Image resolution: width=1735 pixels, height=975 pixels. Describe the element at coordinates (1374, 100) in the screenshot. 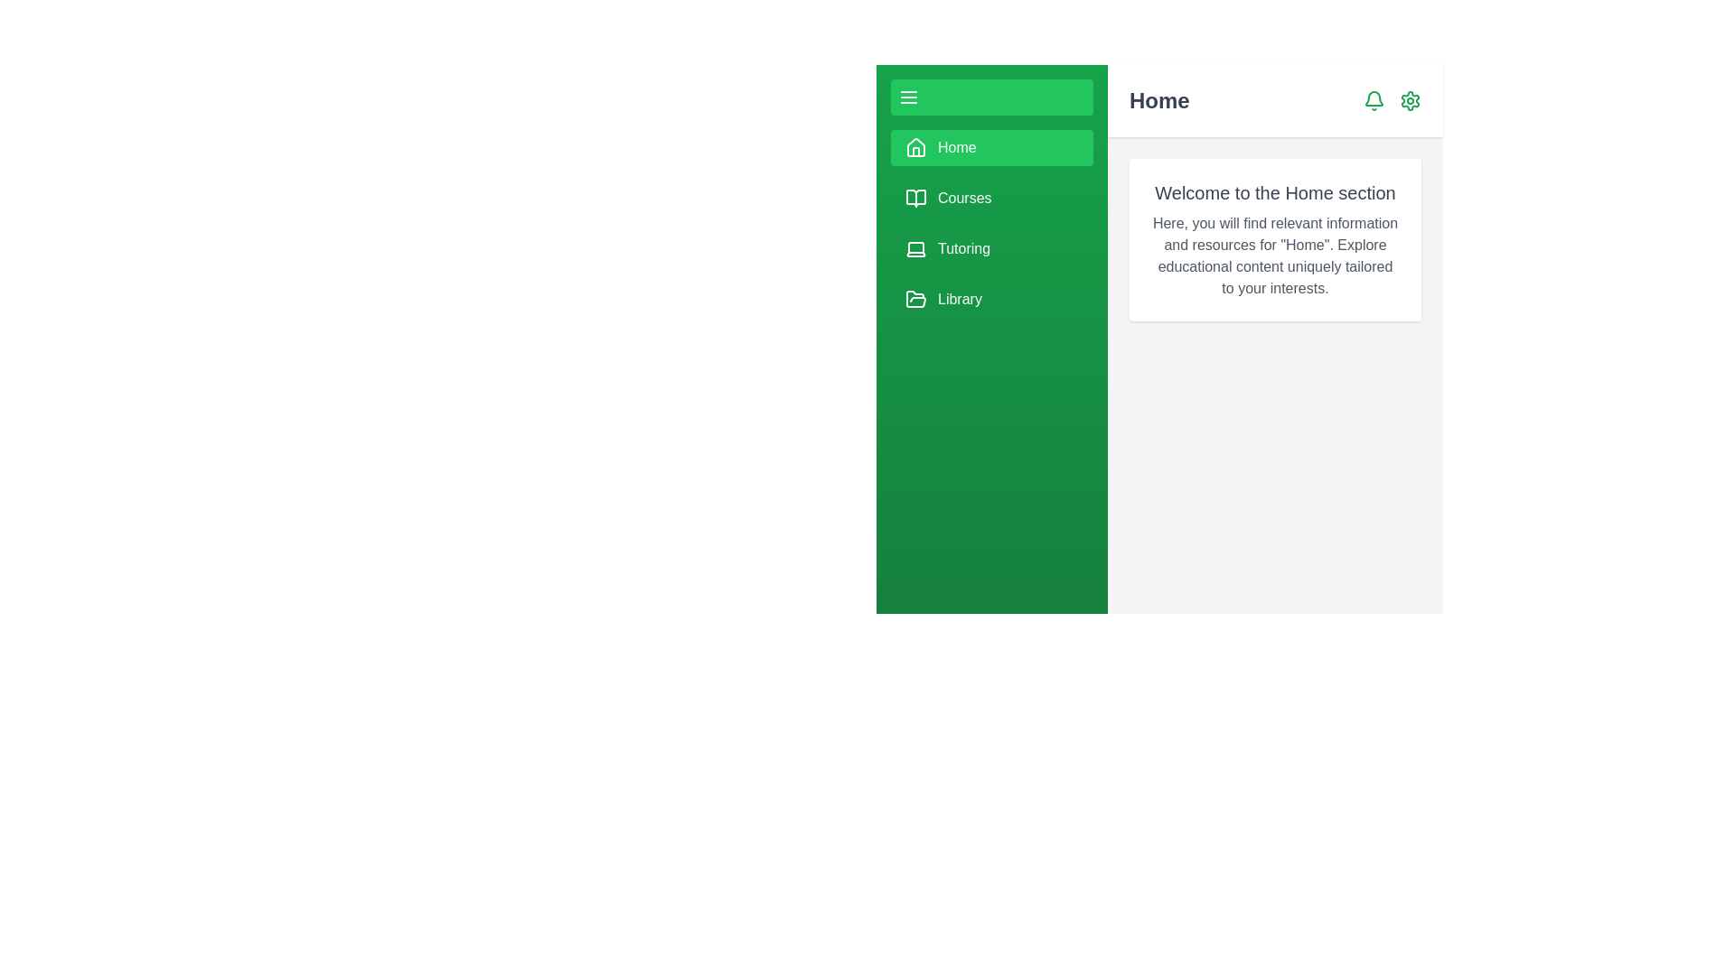

I see `the green bell icon located in the top header section` at that location.